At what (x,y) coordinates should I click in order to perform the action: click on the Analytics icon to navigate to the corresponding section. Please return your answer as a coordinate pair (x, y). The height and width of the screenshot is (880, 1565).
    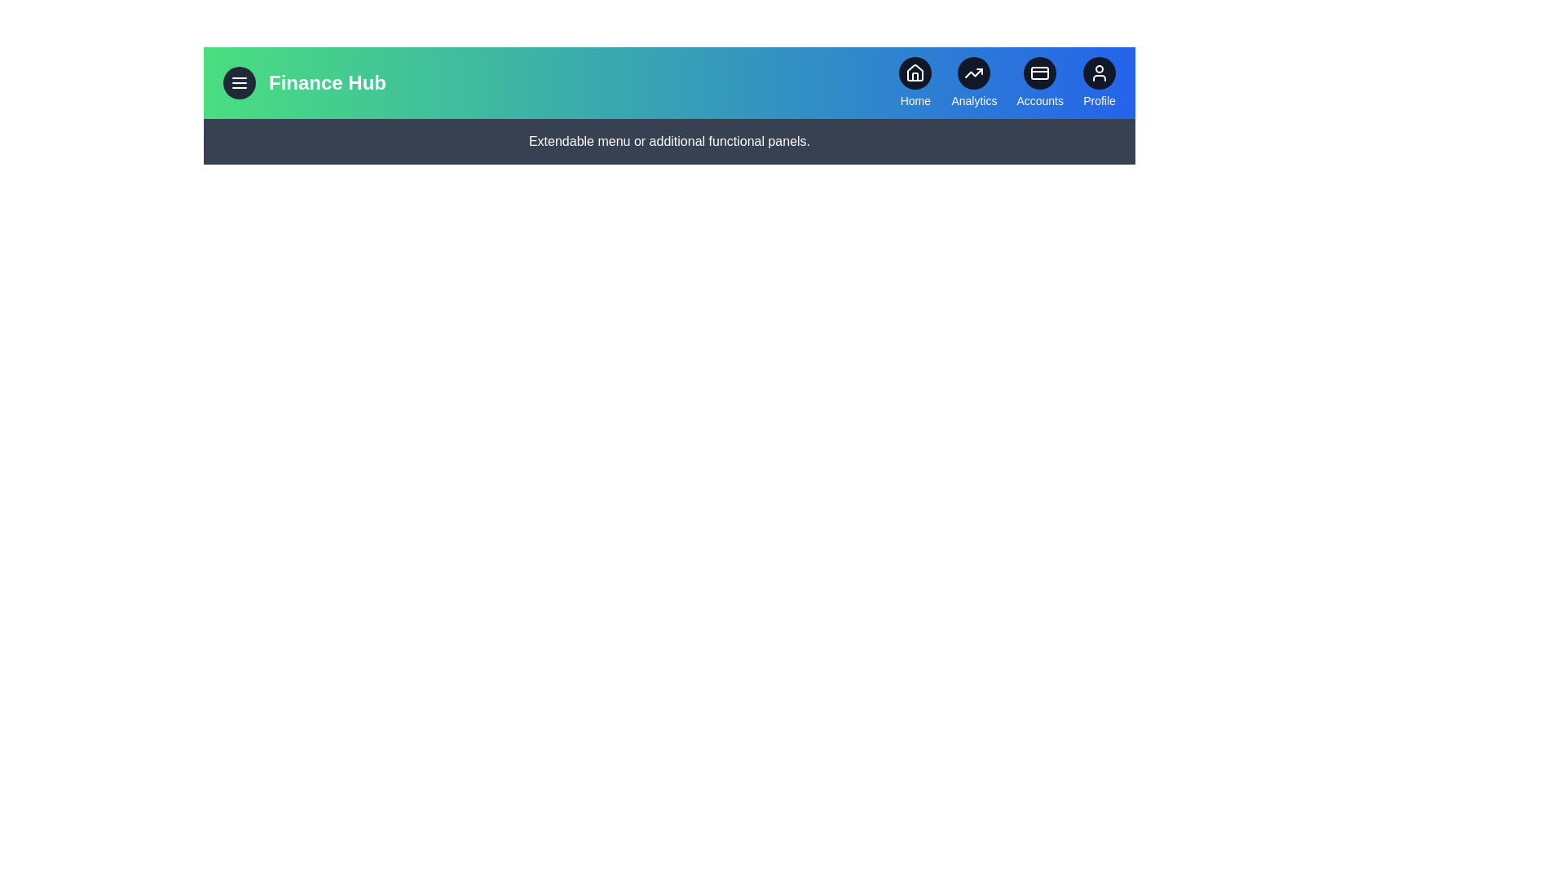
    Looking at the image, I should click on (974, 72).